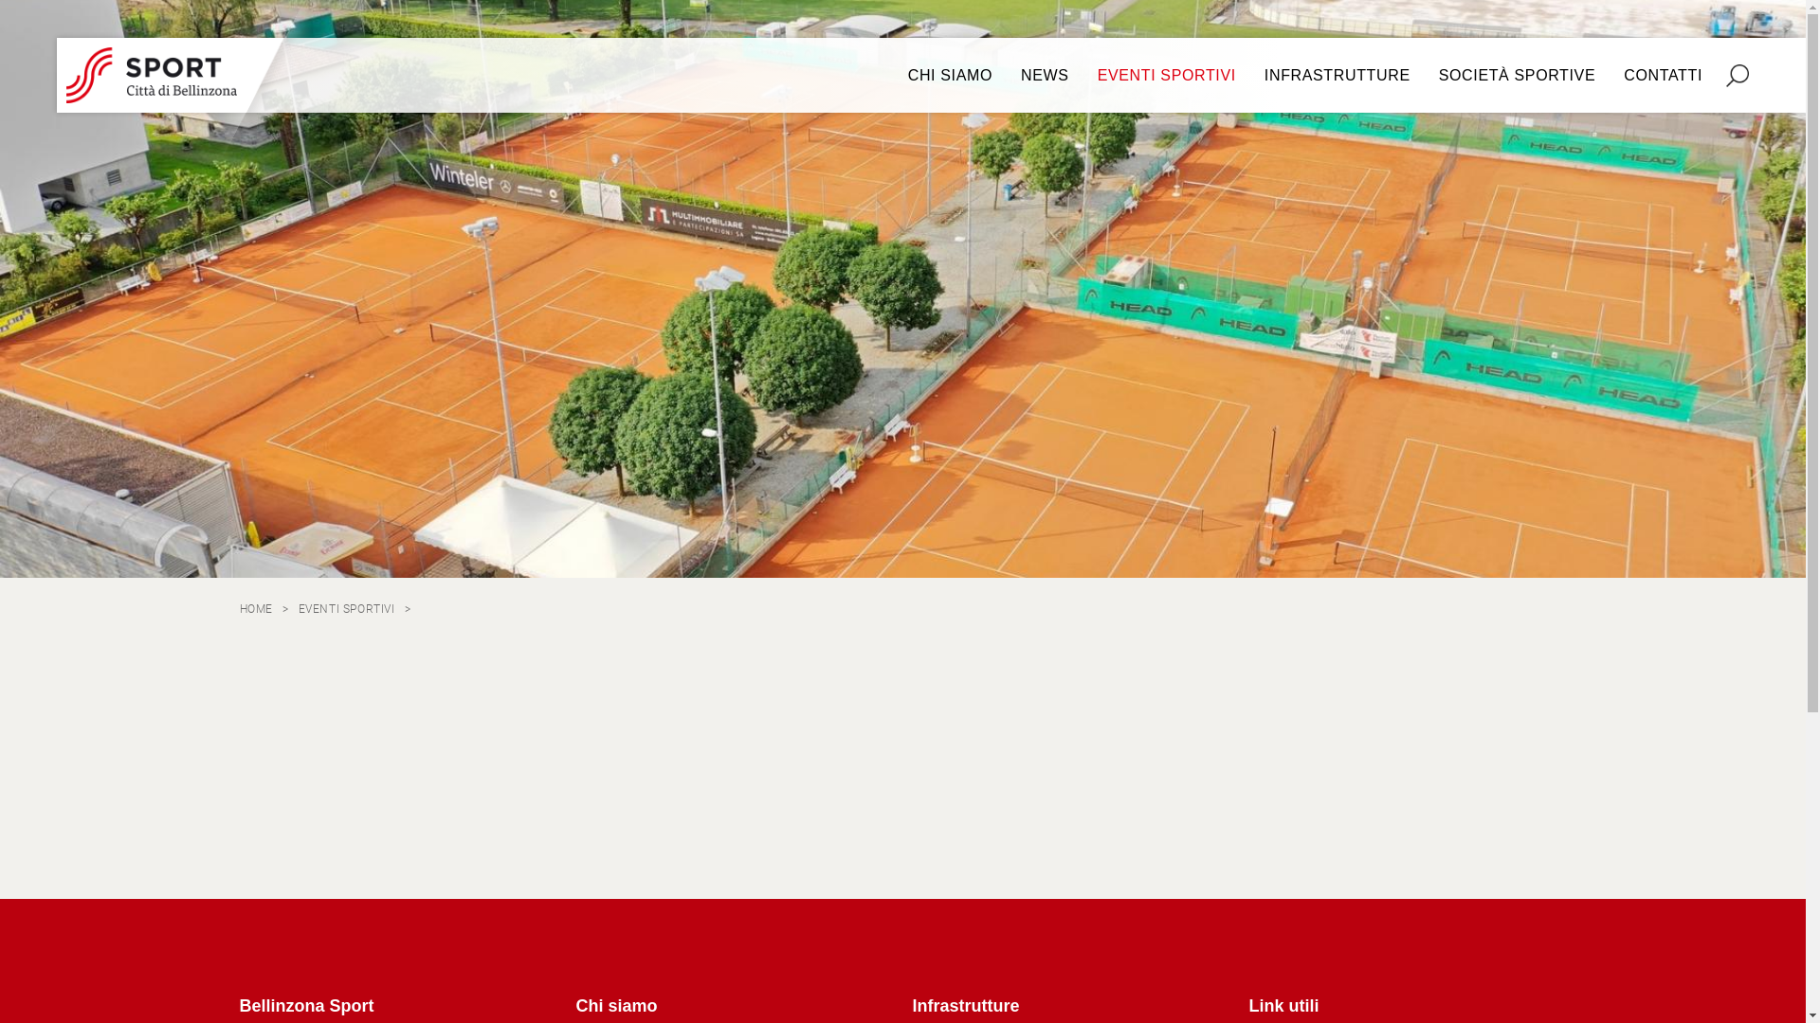 The image size is (1820, 1023). I want to click on 'CONTATTI', so click(1609, 74).